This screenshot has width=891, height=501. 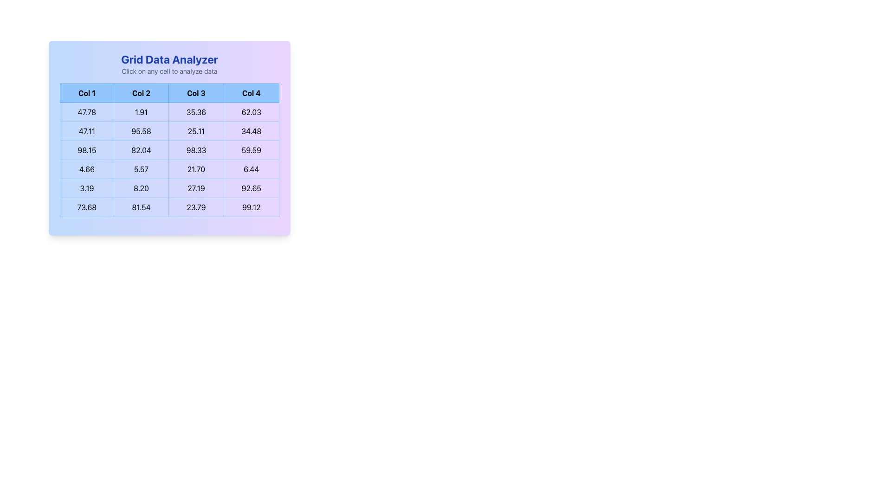 What do you see at coordinates (195, 112) in the screenshot?
I see `the data cell displaying the text '35.36', which is styled with padding and a blue border, and is positioned as the third cell in the first row of the grid layout` at bounding box center [195, 112].